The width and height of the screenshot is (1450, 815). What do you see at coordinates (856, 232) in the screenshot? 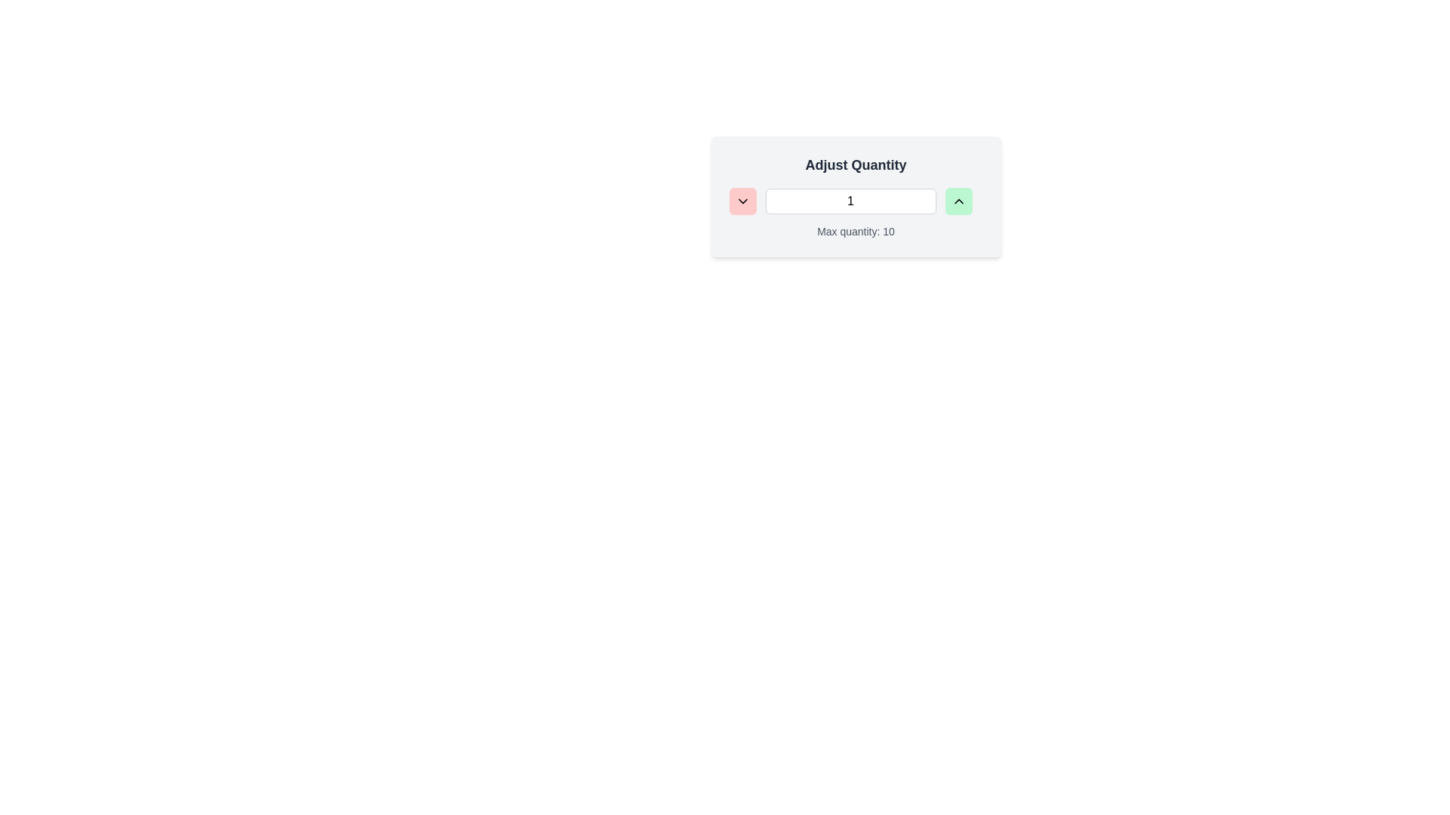
I see `the label displaying 'Max quantity: 10', which is located at the bottom of the card layout providing controls for quantity adjustment` at bounding box center [856, 232].